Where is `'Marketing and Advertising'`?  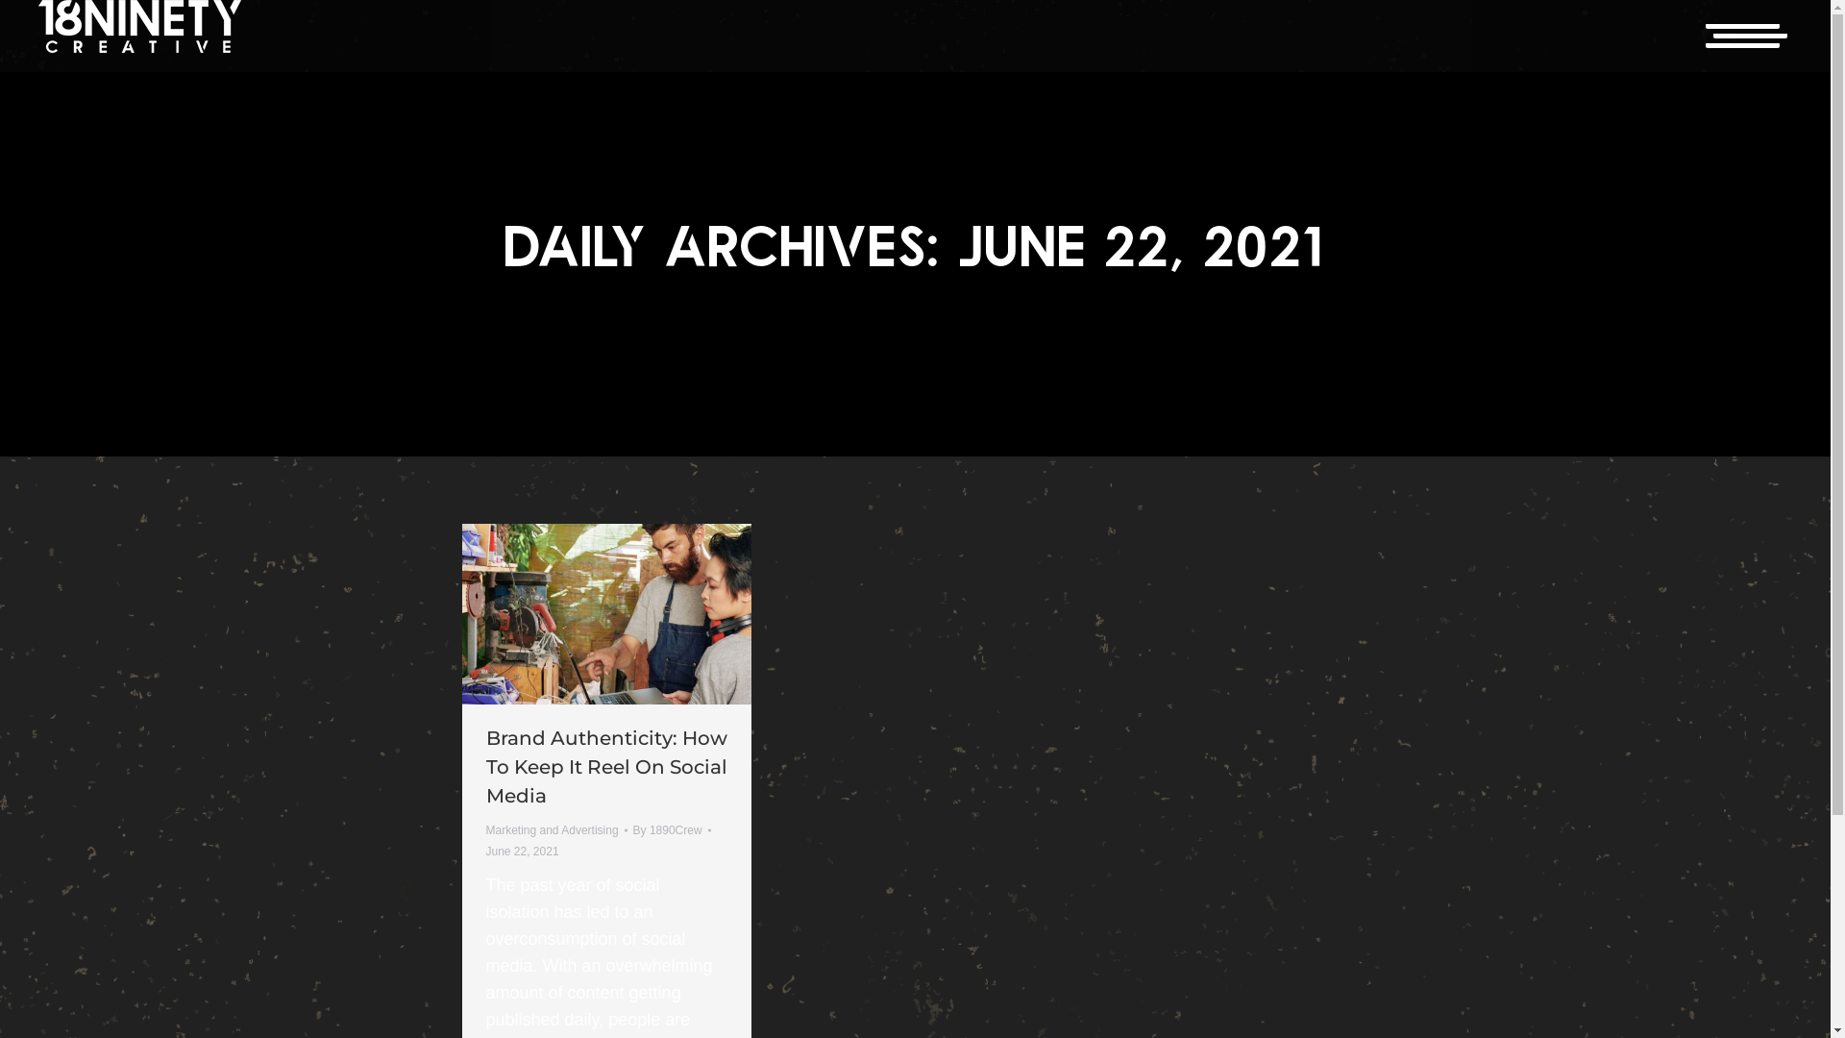 'Marketing and Advertising' is located at coordinates (552, 829).